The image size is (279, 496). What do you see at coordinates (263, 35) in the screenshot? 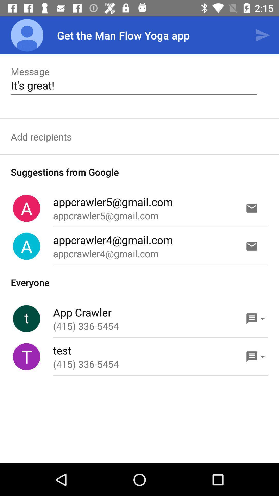
I see `the icon above it's great! item` at bounding box center [263, 35].